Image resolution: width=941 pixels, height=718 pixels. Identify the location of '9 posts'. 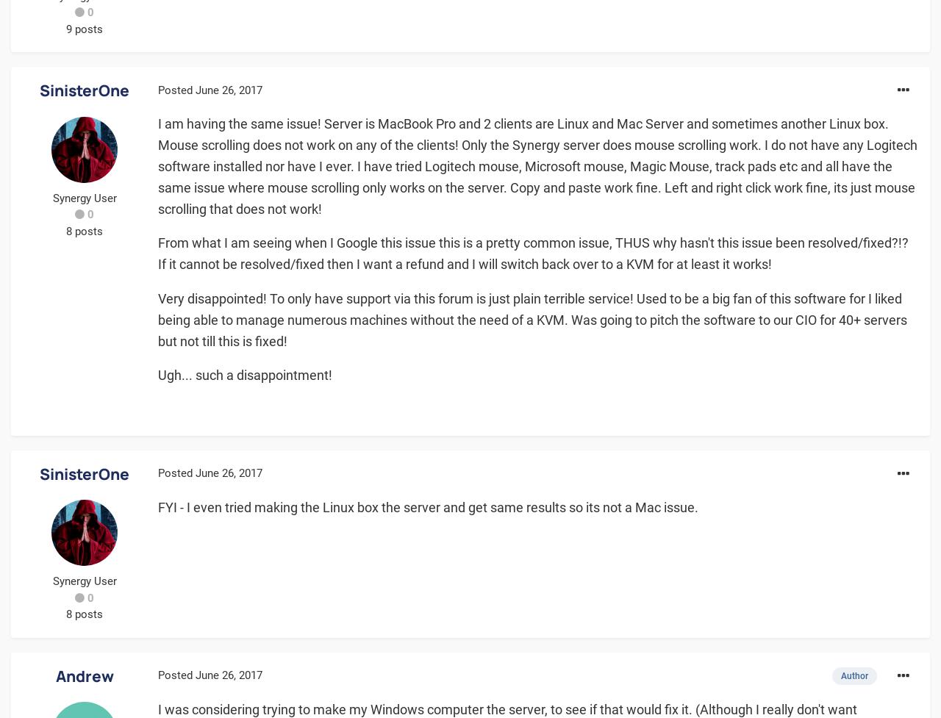
(83, 28).